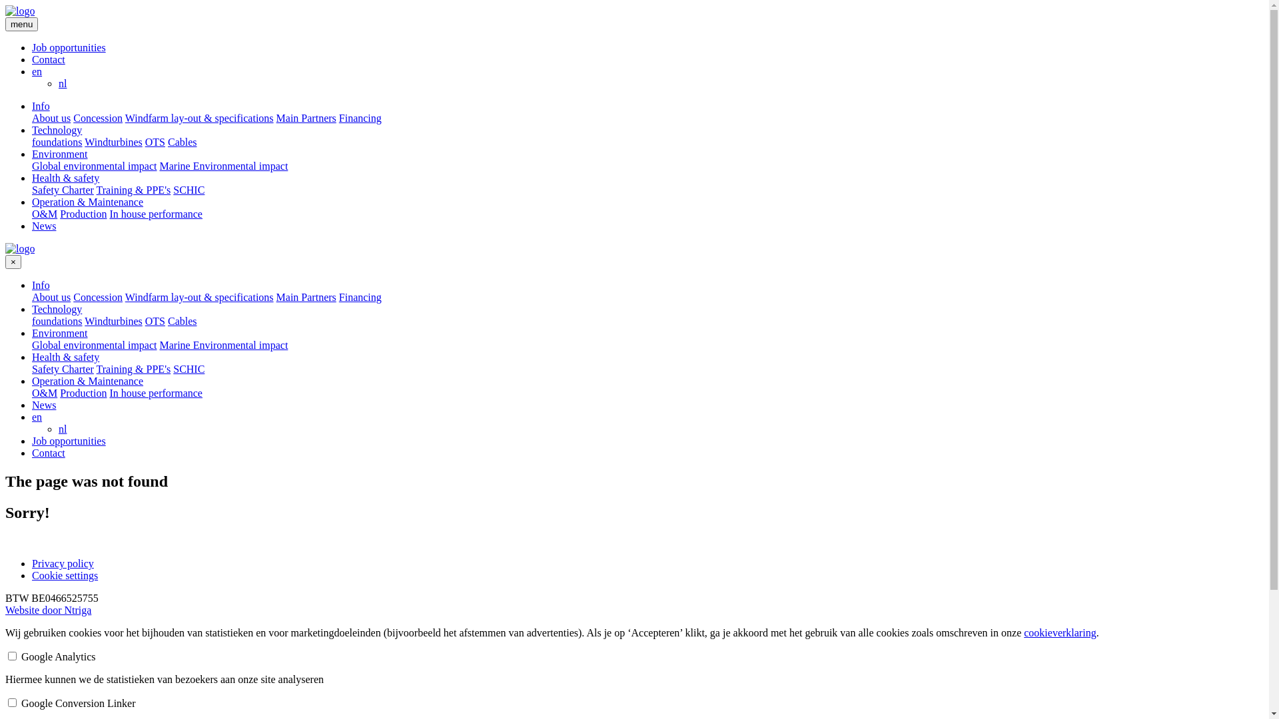 The image size is (1279, 719). Describe the element at coordinates (224, 344) in the screenshot. I see `'Marine Environmental impact'` at that location.